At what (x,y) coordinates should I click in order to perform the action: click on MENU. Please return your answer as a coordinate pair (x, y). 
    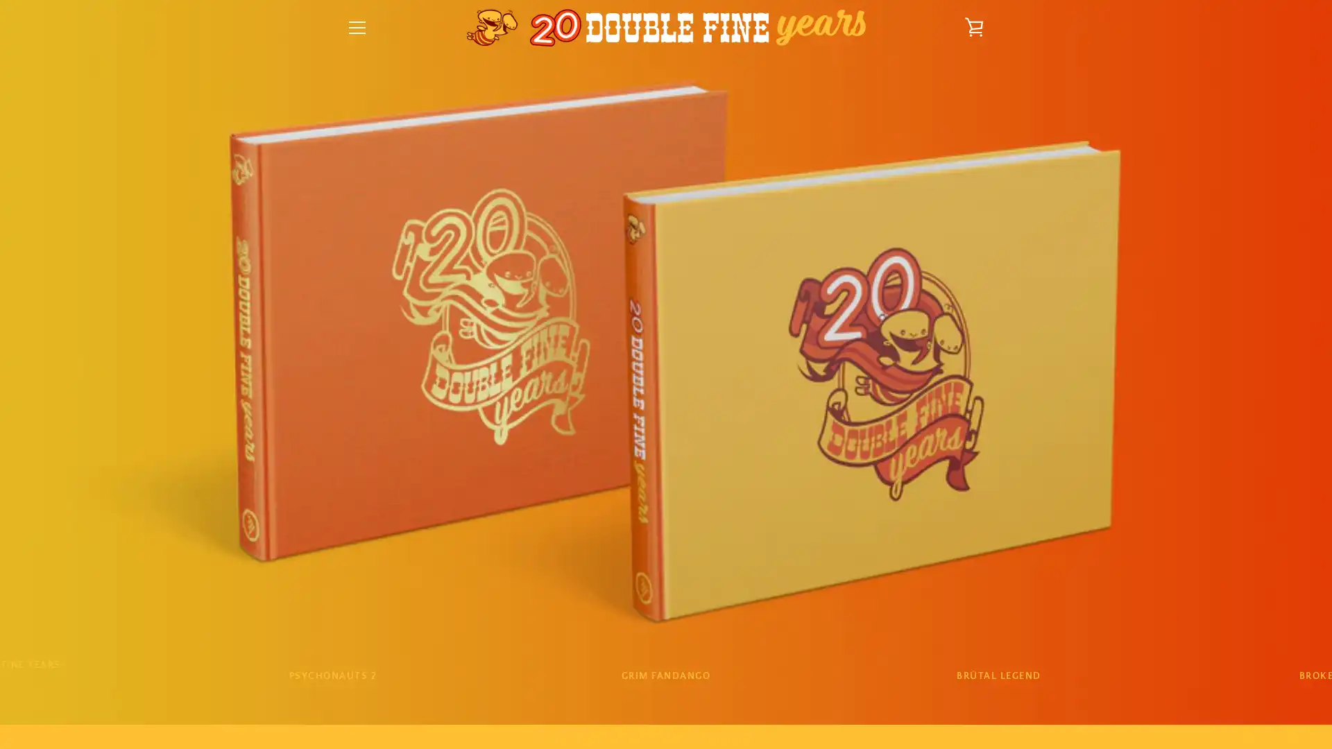
    Looking at the image, I should click on (357, 27).